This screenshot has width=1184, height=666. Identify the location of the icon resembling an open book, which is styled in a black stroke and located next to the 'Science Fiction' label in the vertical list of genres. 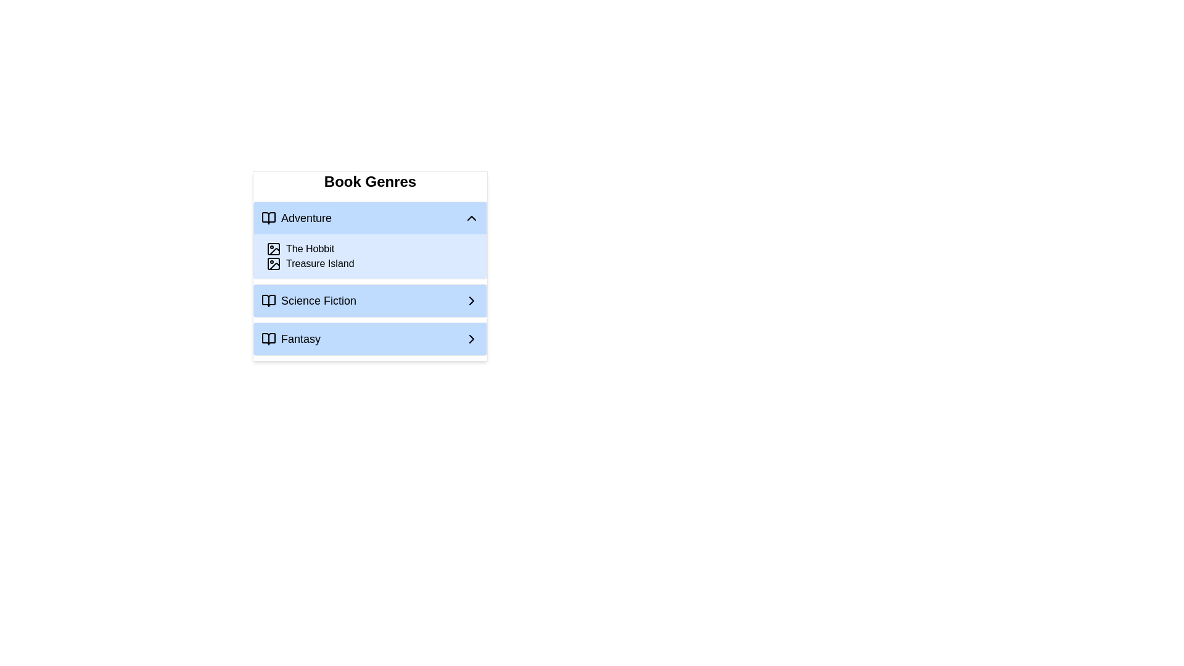
(268, 301).